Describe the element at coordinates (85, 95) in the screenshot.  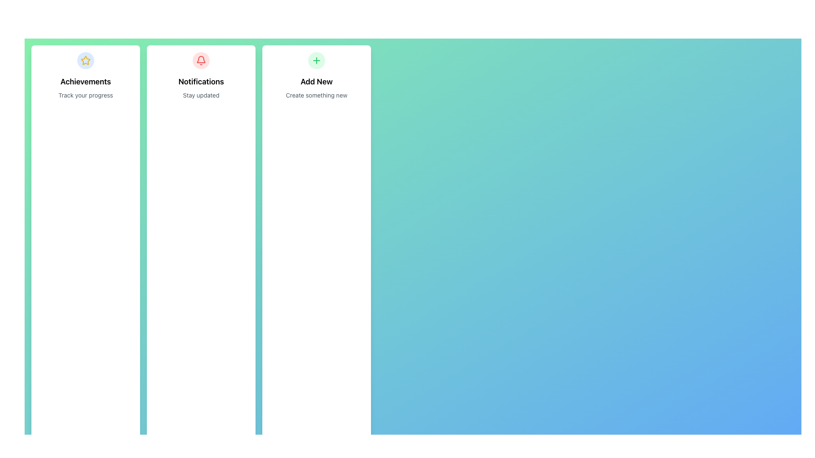
I see `the Static Text Label that displays 'Track your progress', which is positioned below the 'Achievements' heading in a white card layout` at that location.